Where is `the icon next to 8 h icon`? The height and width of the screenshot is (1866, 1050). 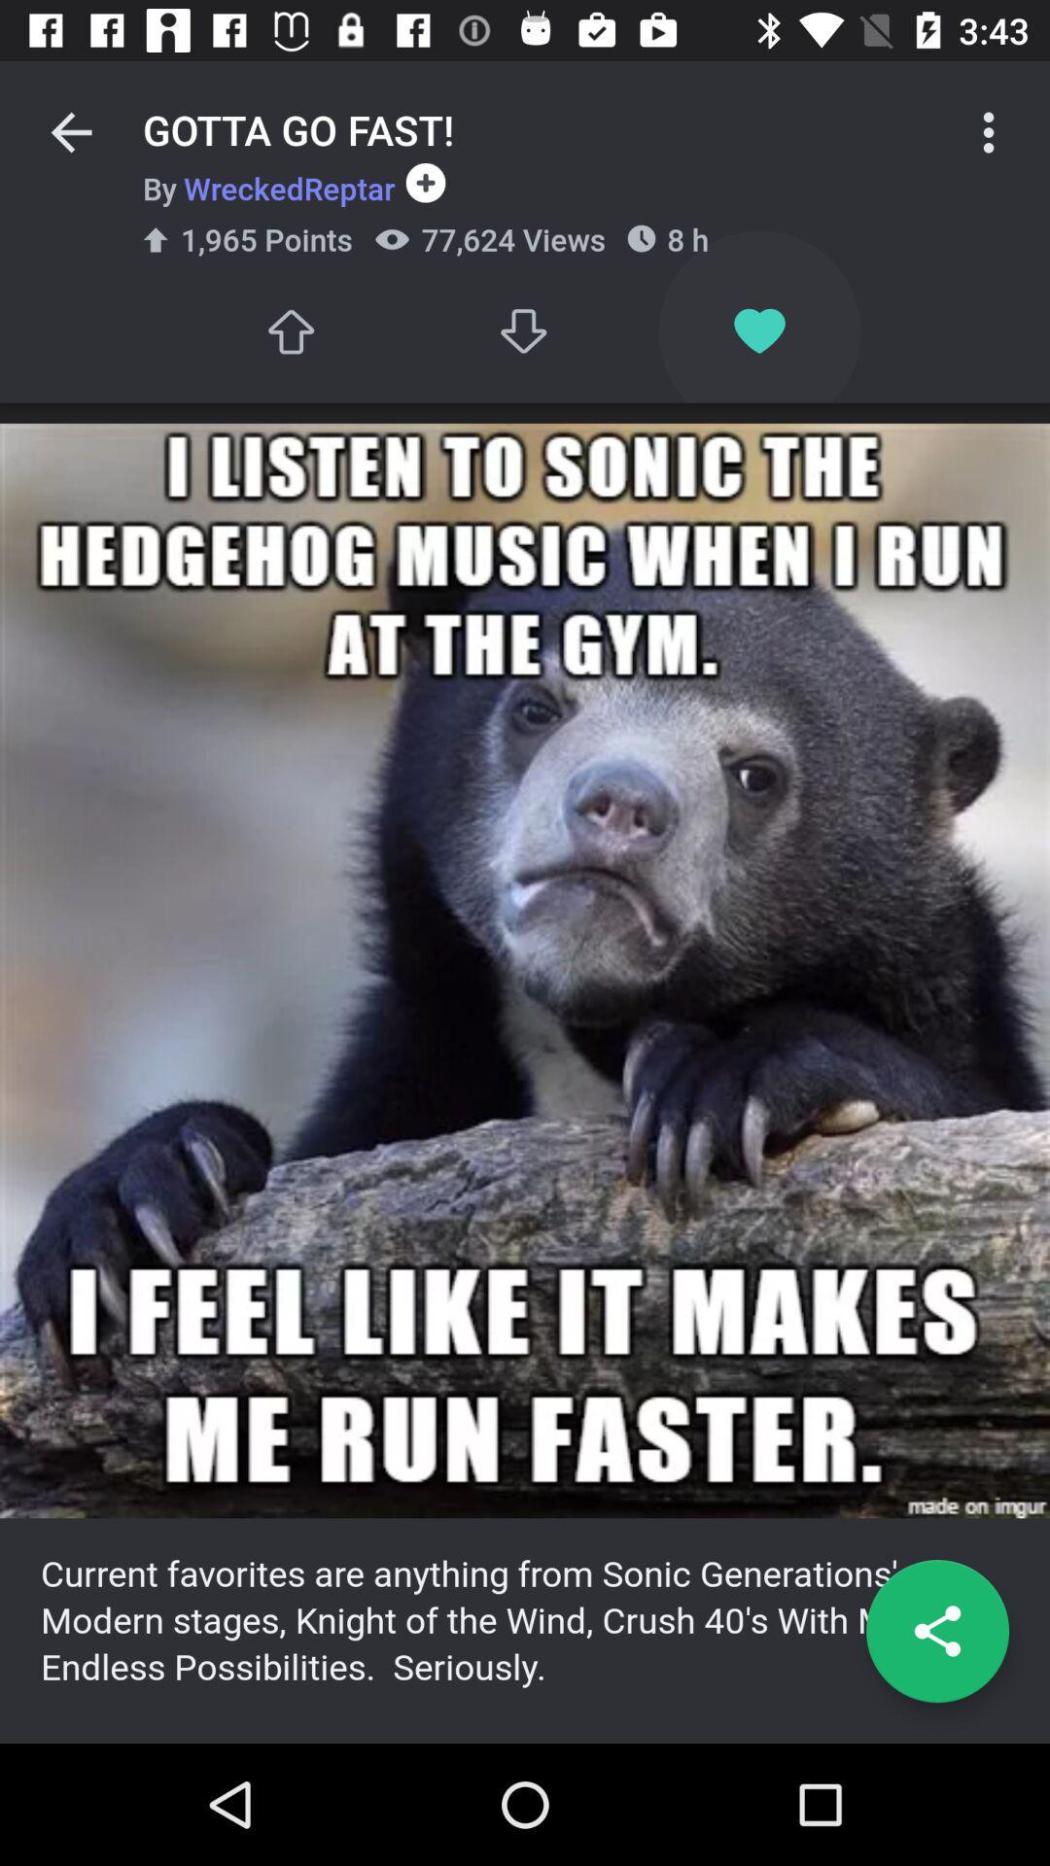
the icon next to 8 h icon is located at coordinates (419, 183).